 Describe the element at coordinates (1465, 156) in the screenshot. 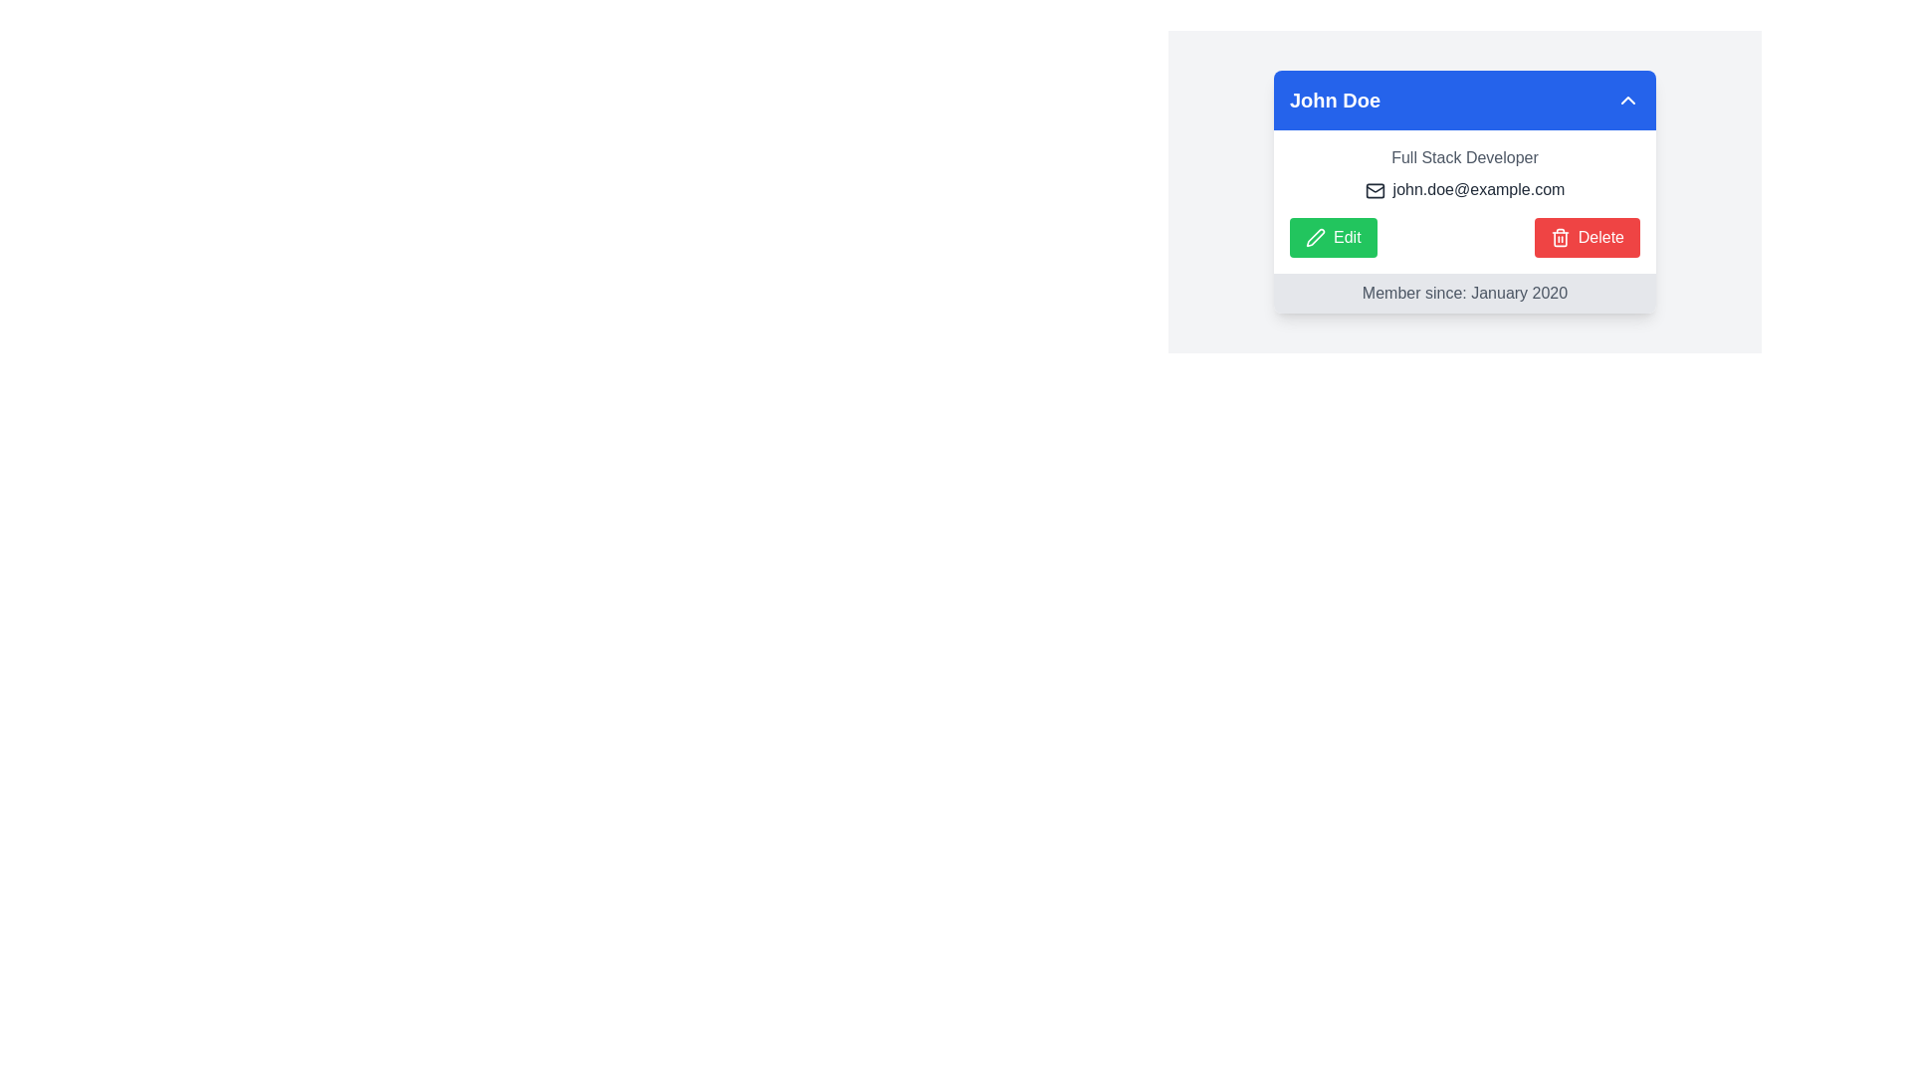

I see `the text label displaying 'Full Stack Developer' located beneath the user name header 'John Doe' in the profile card` at that location.